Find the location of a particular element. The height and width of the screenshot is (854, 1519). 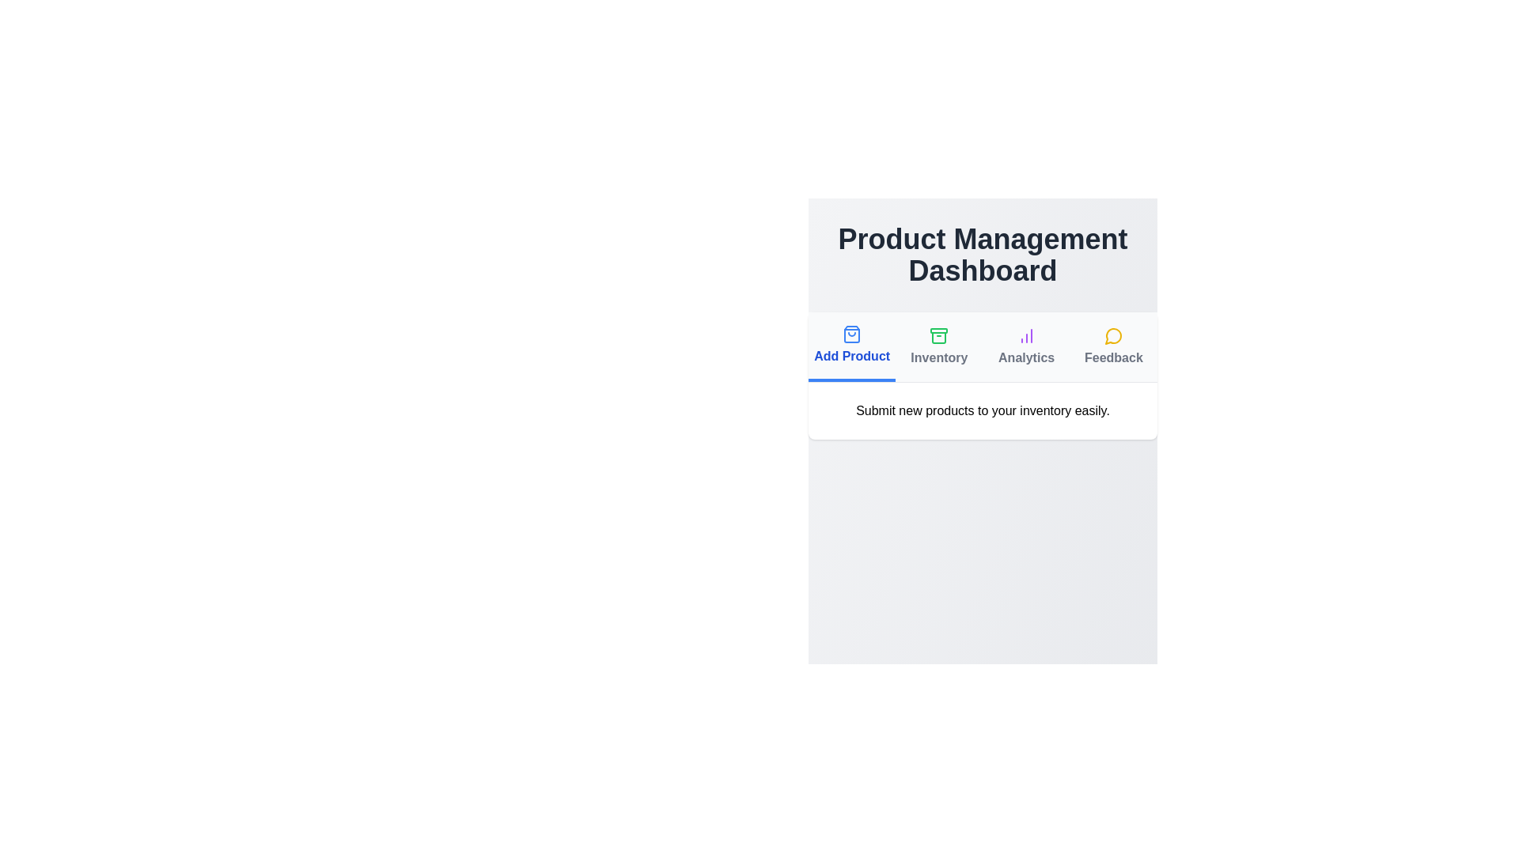

the 'Inventory' text label, which is displayed in a dark font color on a white background and is positioned below a green icon resembling a box or crate in the second column of the top bar is located at coordinates (939, 357).